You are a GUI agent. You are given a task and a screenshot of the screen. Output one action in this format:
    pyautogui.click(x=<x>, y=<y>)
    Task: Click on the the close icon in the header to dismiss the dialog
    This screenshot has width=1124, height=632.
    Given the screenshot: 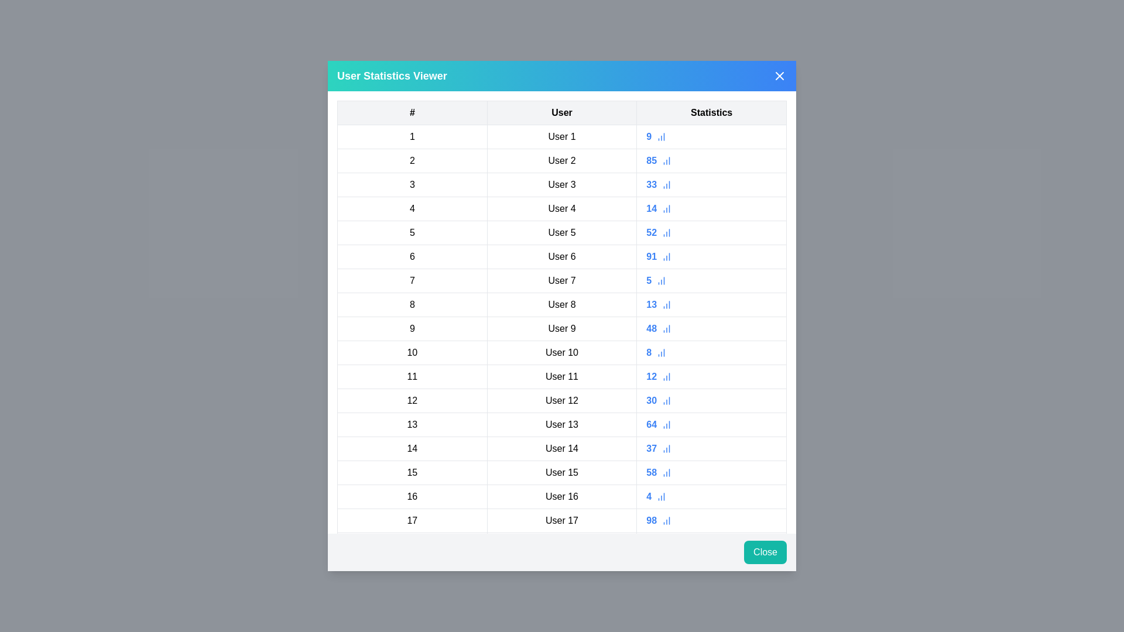 What is the action you would take?
    pyautogui.click(x=779, y=76)
    